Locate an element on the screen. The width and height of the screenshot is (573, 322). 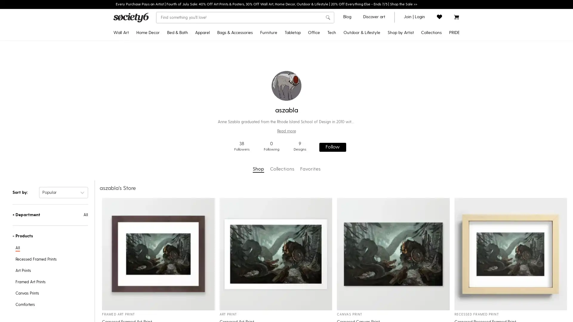
Framed Art Prints is located at coordinates (140, 57).